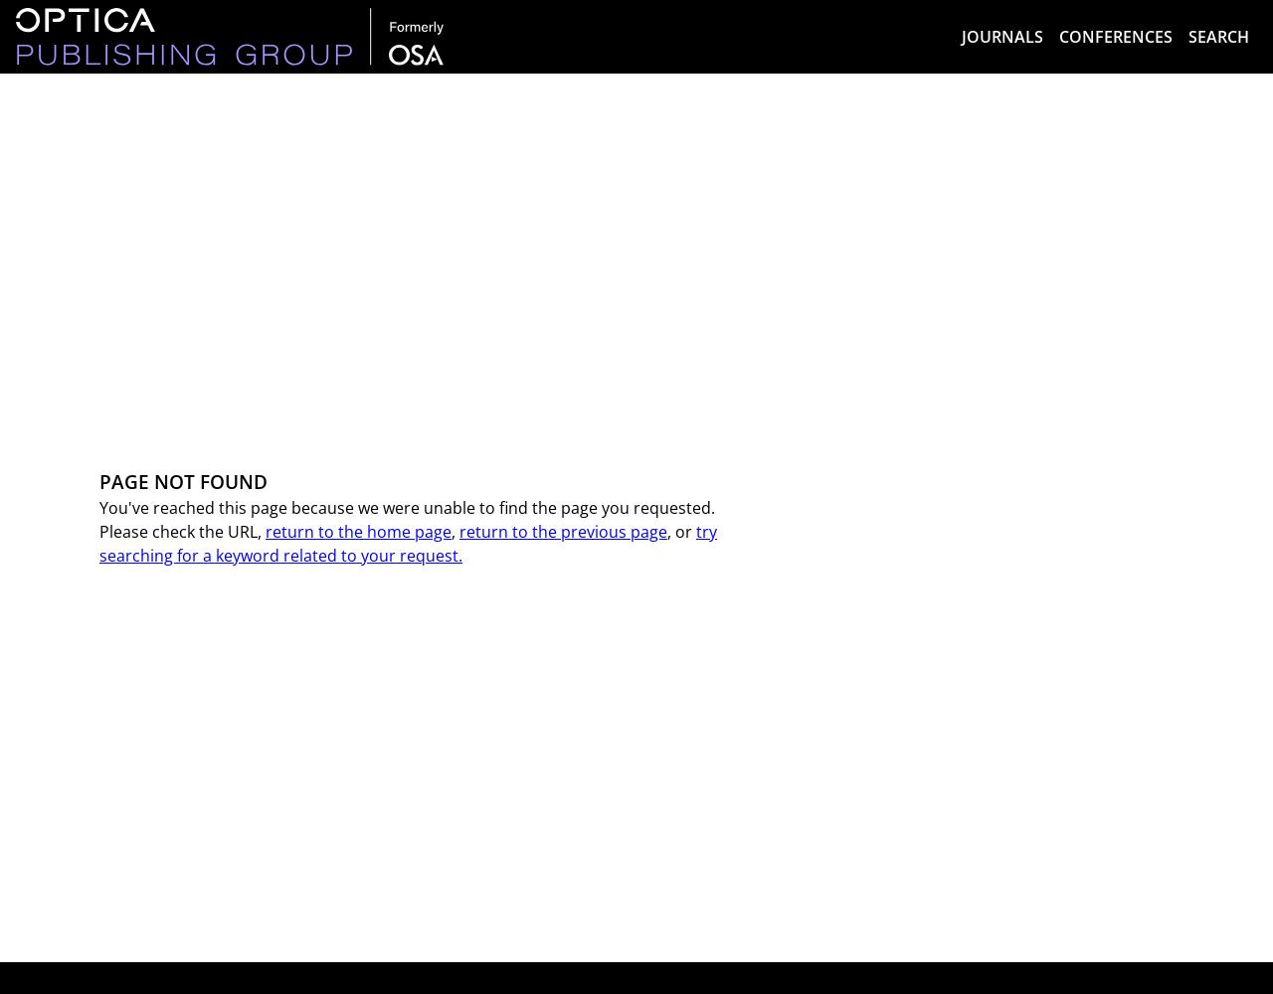 This screenshot has height=994, width=1273. What do you see at coordinates (666, 532) in the screenshot?
I see `', or'` at bounding box center [666, 532].